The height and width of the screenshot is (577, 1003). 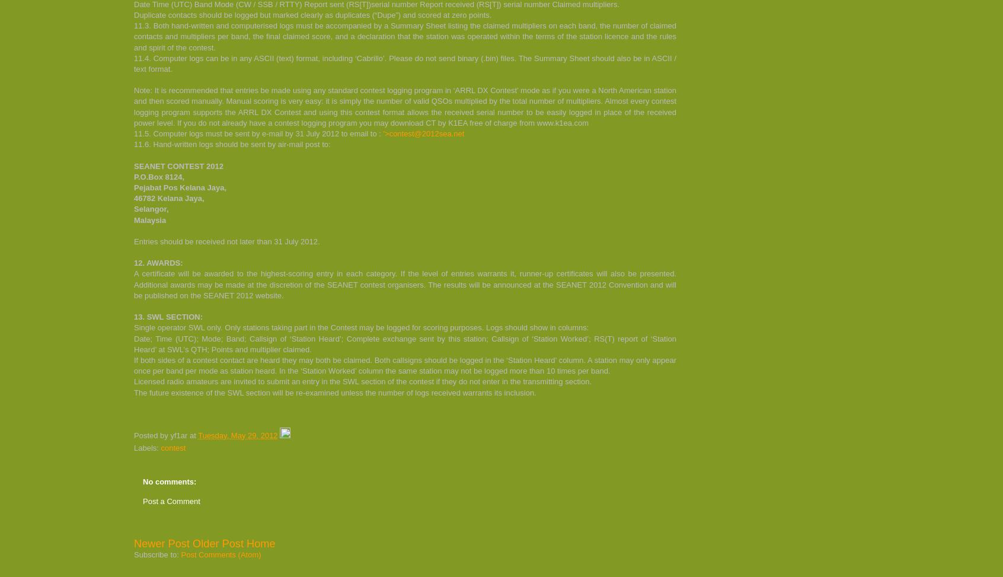 I want to click on 'at', so click(x=193, y=435).